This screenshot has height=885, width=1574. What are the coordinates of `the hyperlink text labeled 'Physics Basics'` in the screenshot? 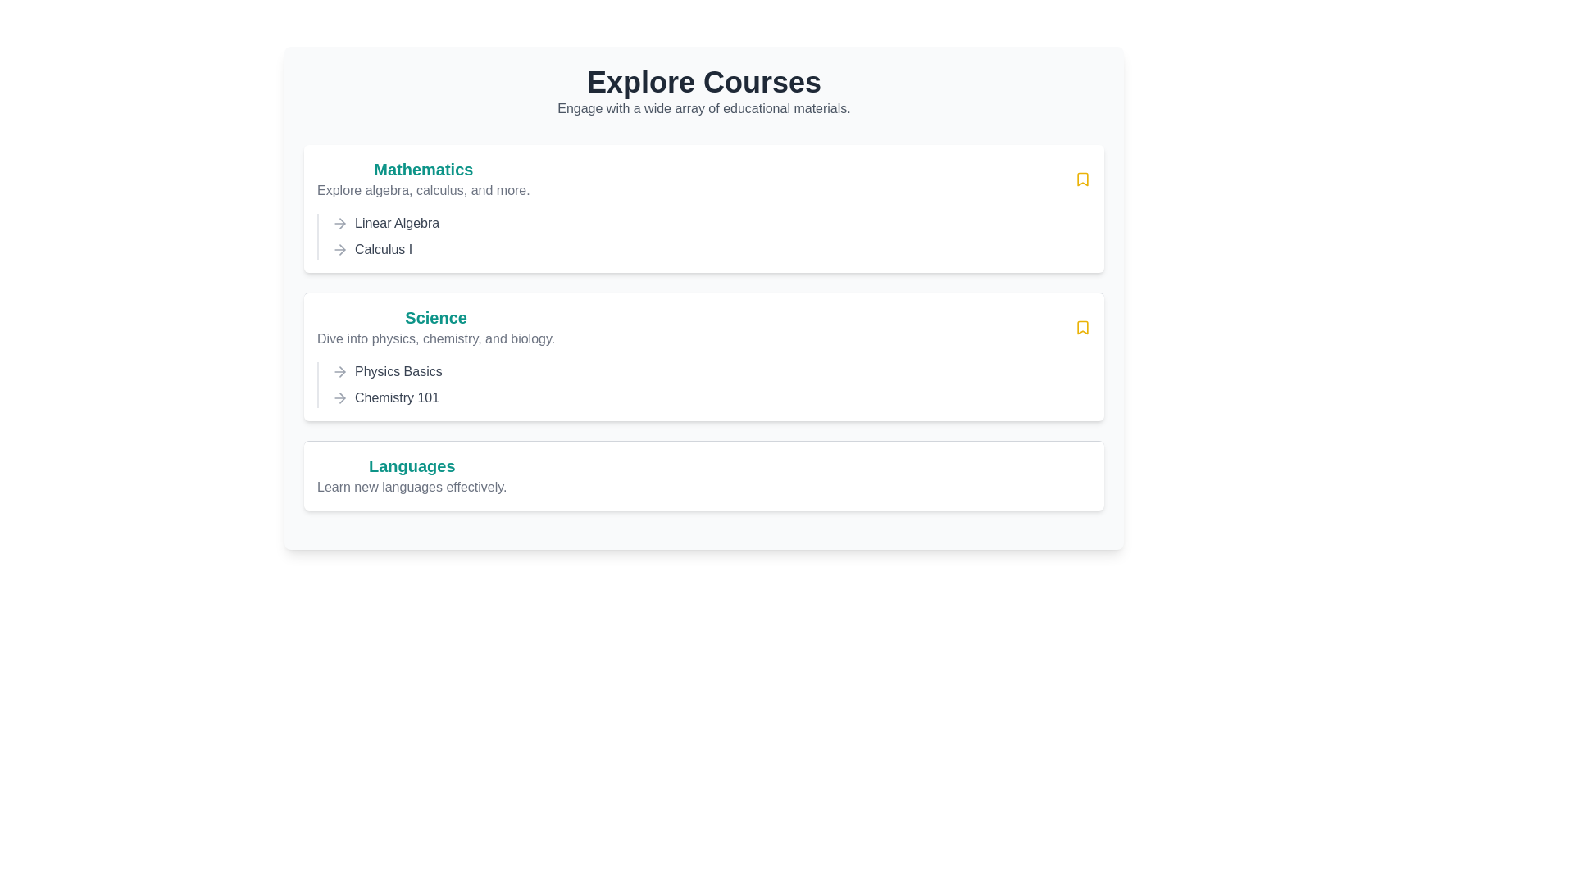 It's located at (398, 372).